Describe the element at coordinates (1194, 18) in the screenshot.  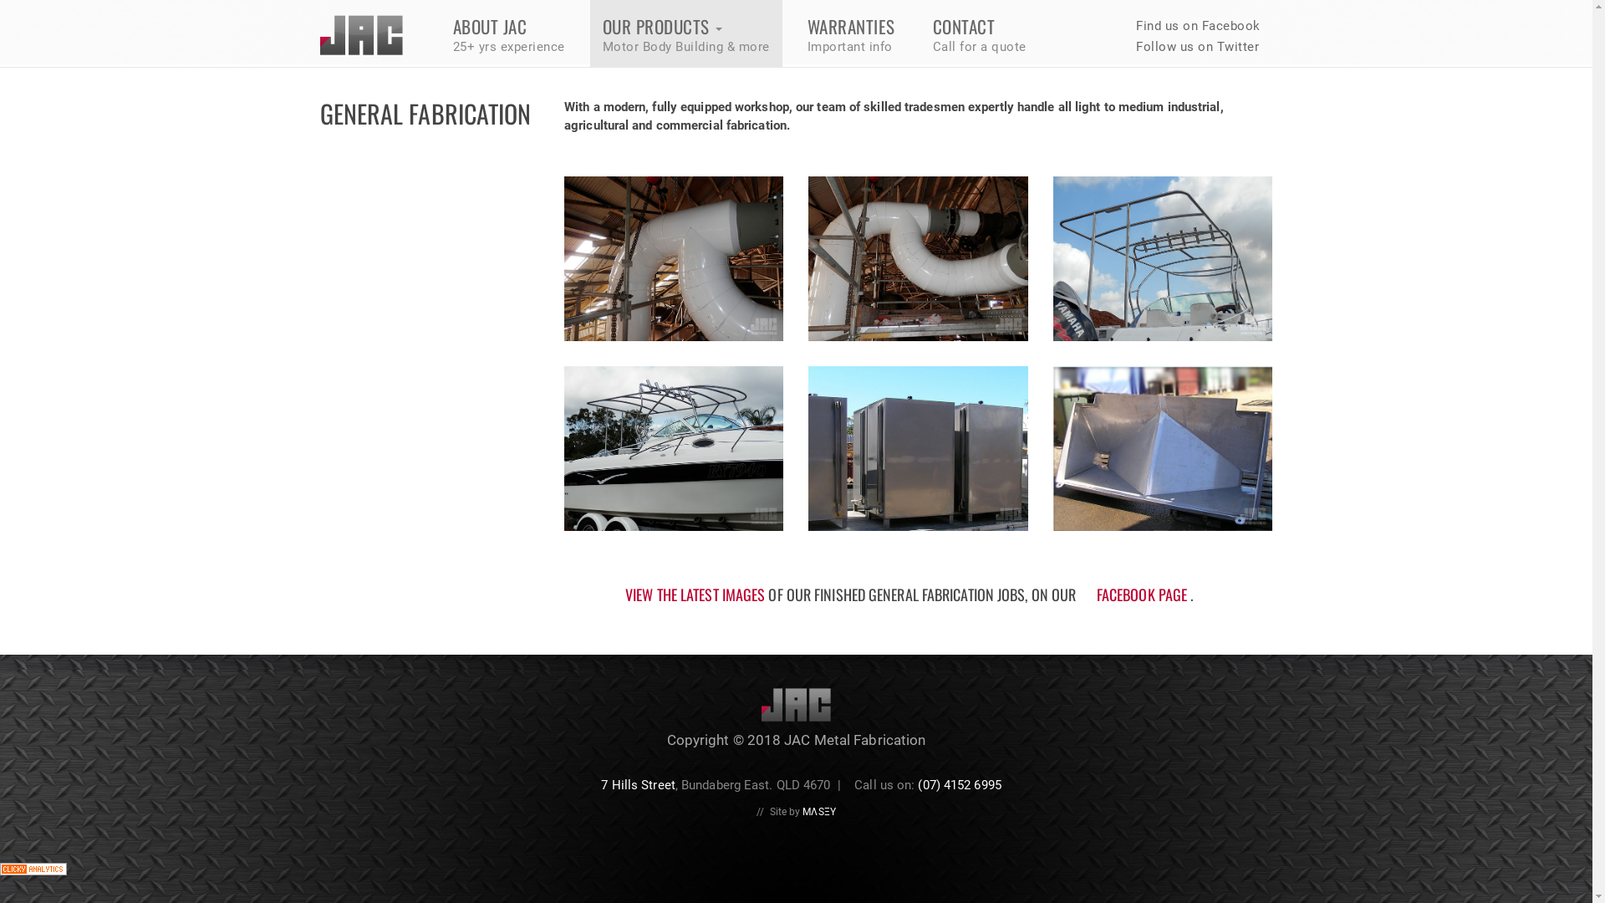
I see `'  Find us on Facebook'` at that location.